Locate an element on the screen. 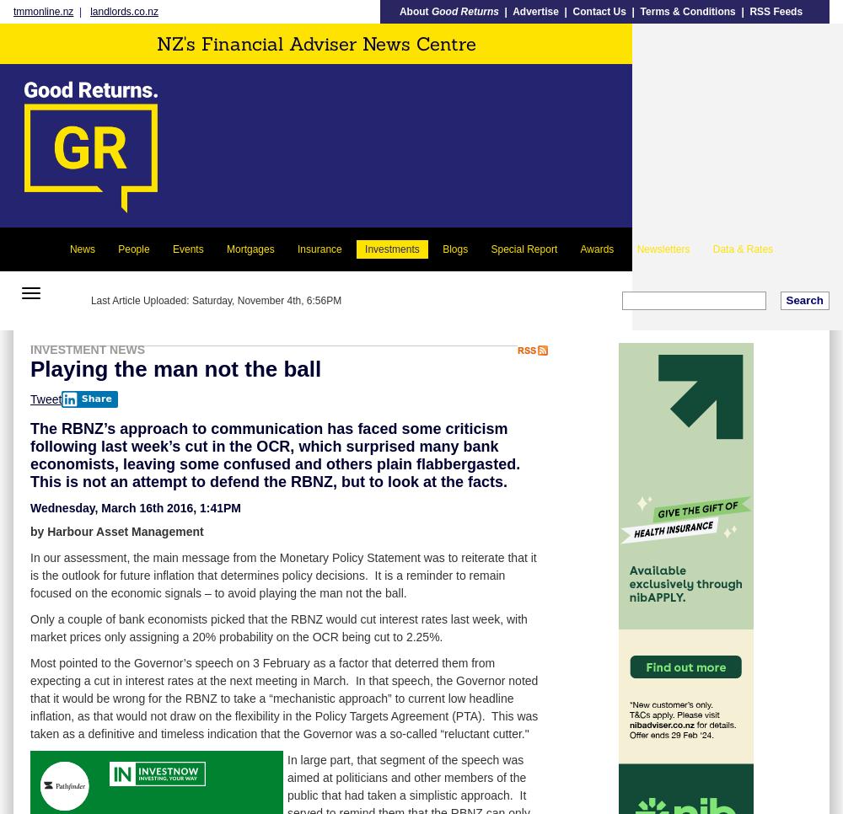  'Terms & Conditions' is located at coordinates (686, 11).